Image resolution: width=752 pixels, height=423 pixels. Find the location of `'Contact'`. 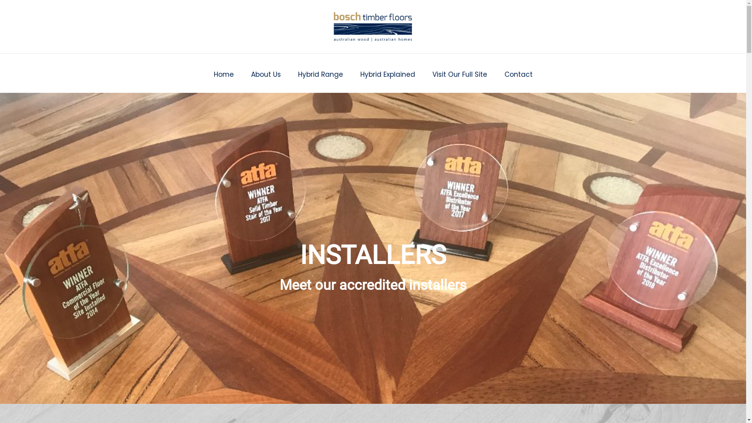

'Contact' is located at coordinates (519, 72).